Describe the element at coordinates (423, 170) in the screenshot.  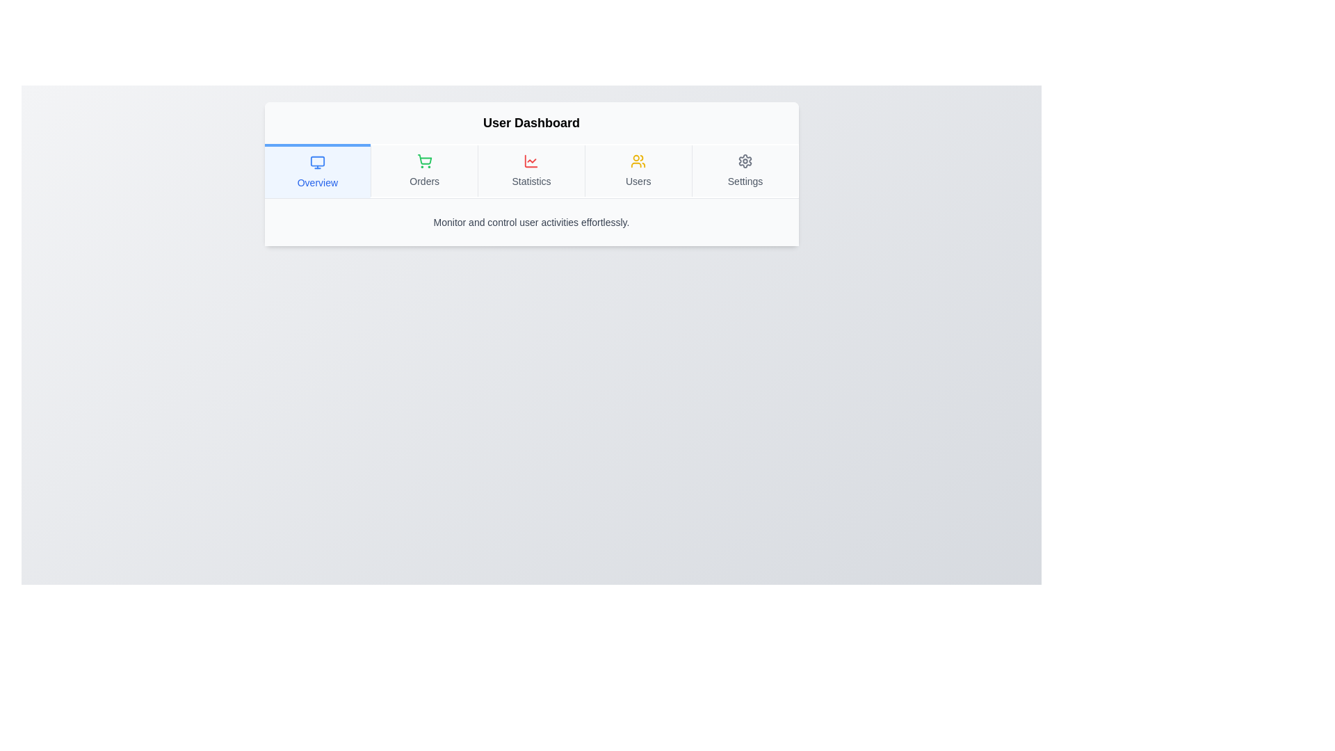
I see `the vertically oriented navigation button with a green shopping cart icon and the text 'Orders'` at that location.